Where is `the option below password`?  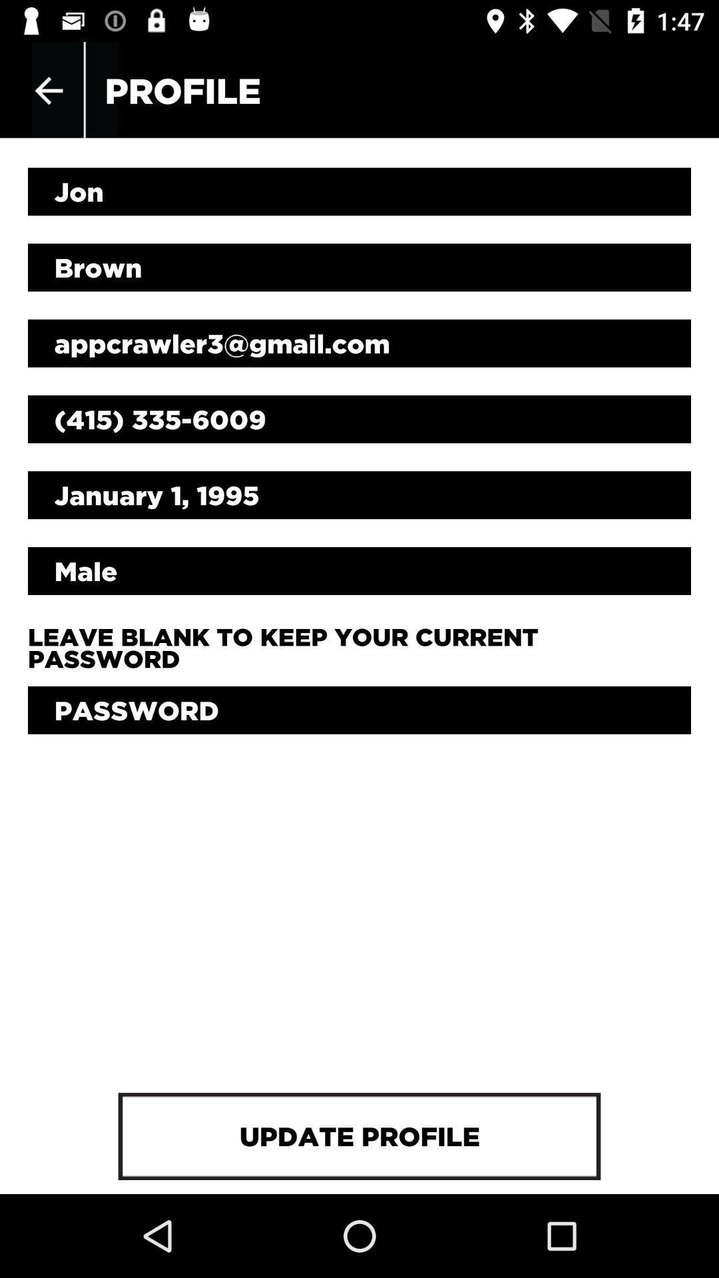
the option below password is located at coordinates (359, 1136).